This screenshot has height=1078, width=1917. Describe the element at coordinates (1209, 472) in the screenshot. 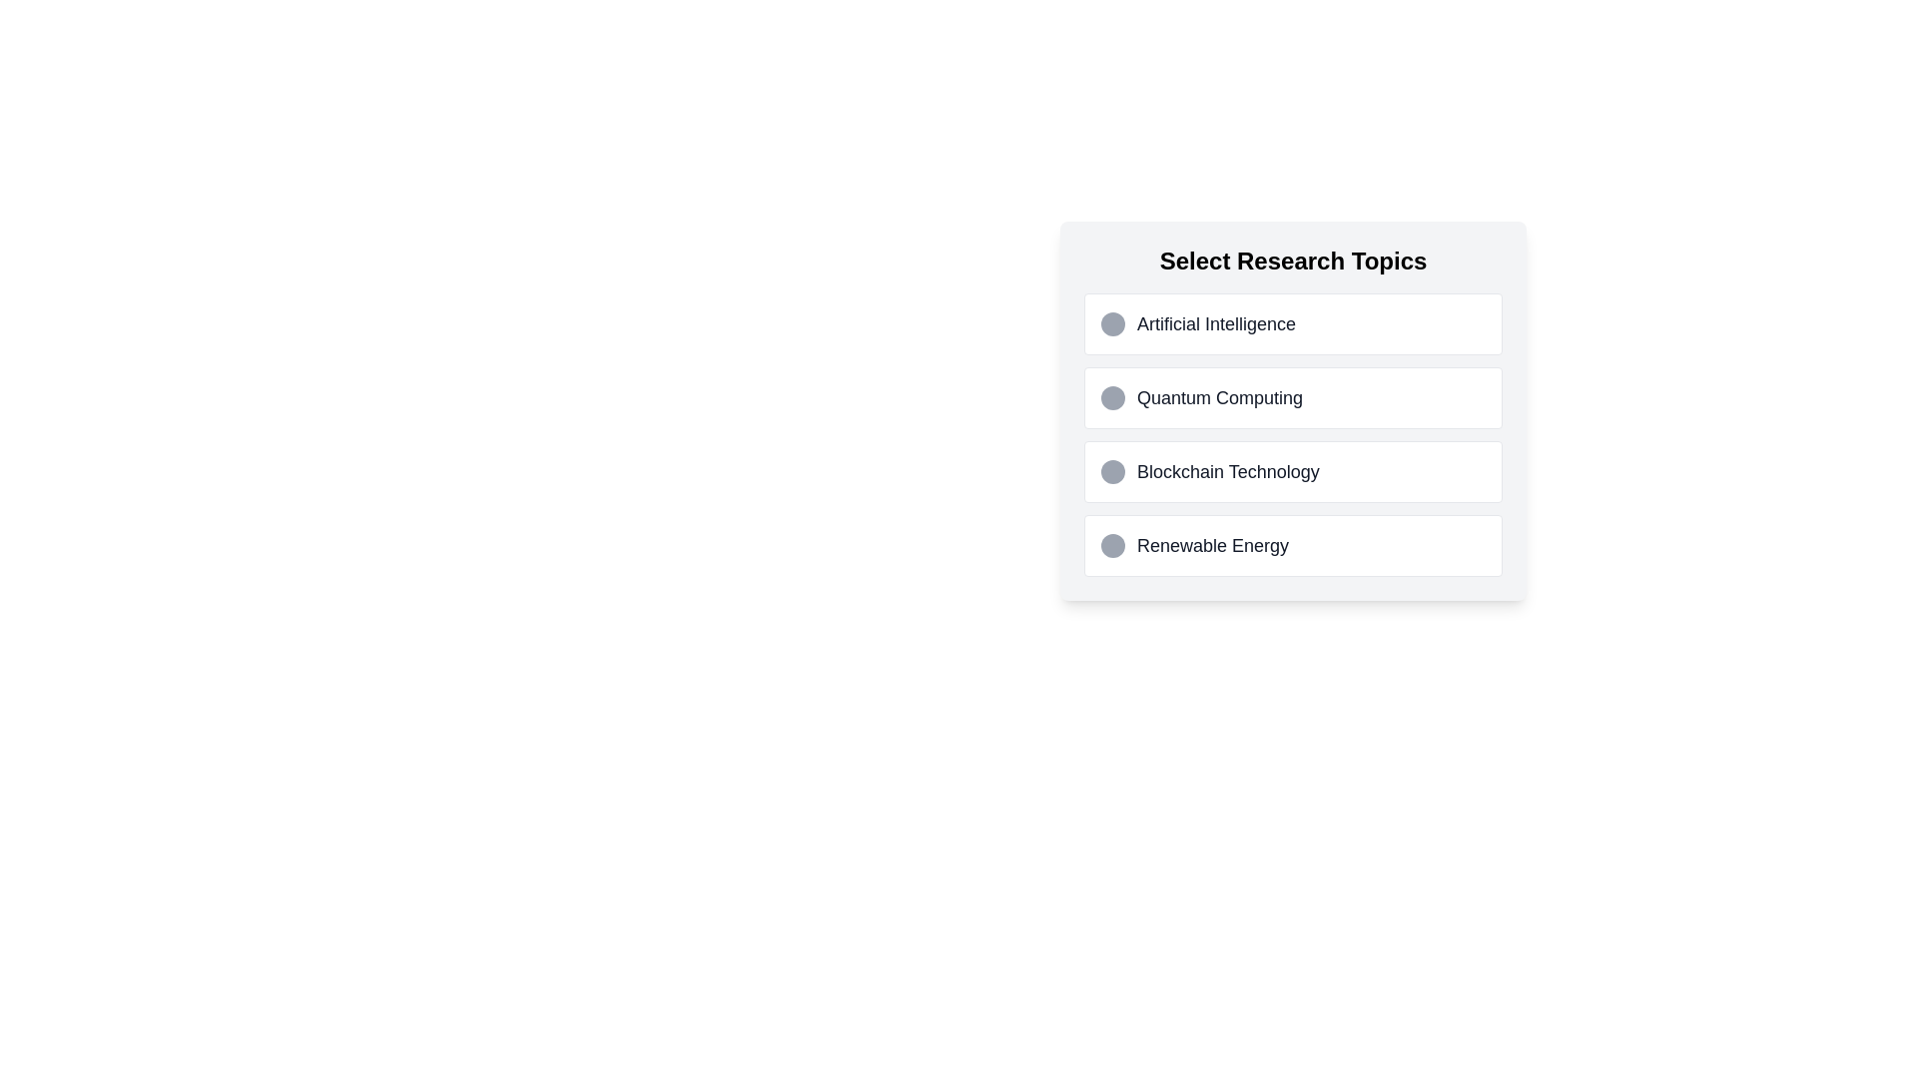

I see `the circular icon next to the 'Blockchain Technology' option in the selectable list under 'Select Research Topics'` at that location.